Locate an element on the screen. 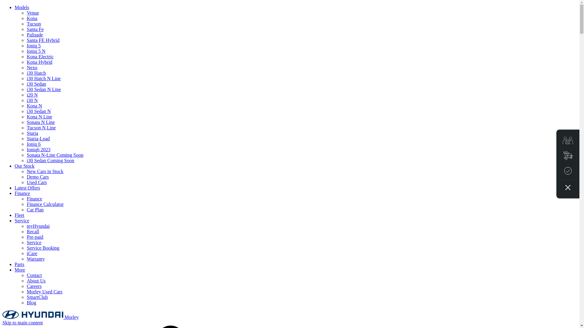 Image resolution: width=584 pixels, height=328 pixels. 'Skip to main content' is located at coordinates (2, 322).